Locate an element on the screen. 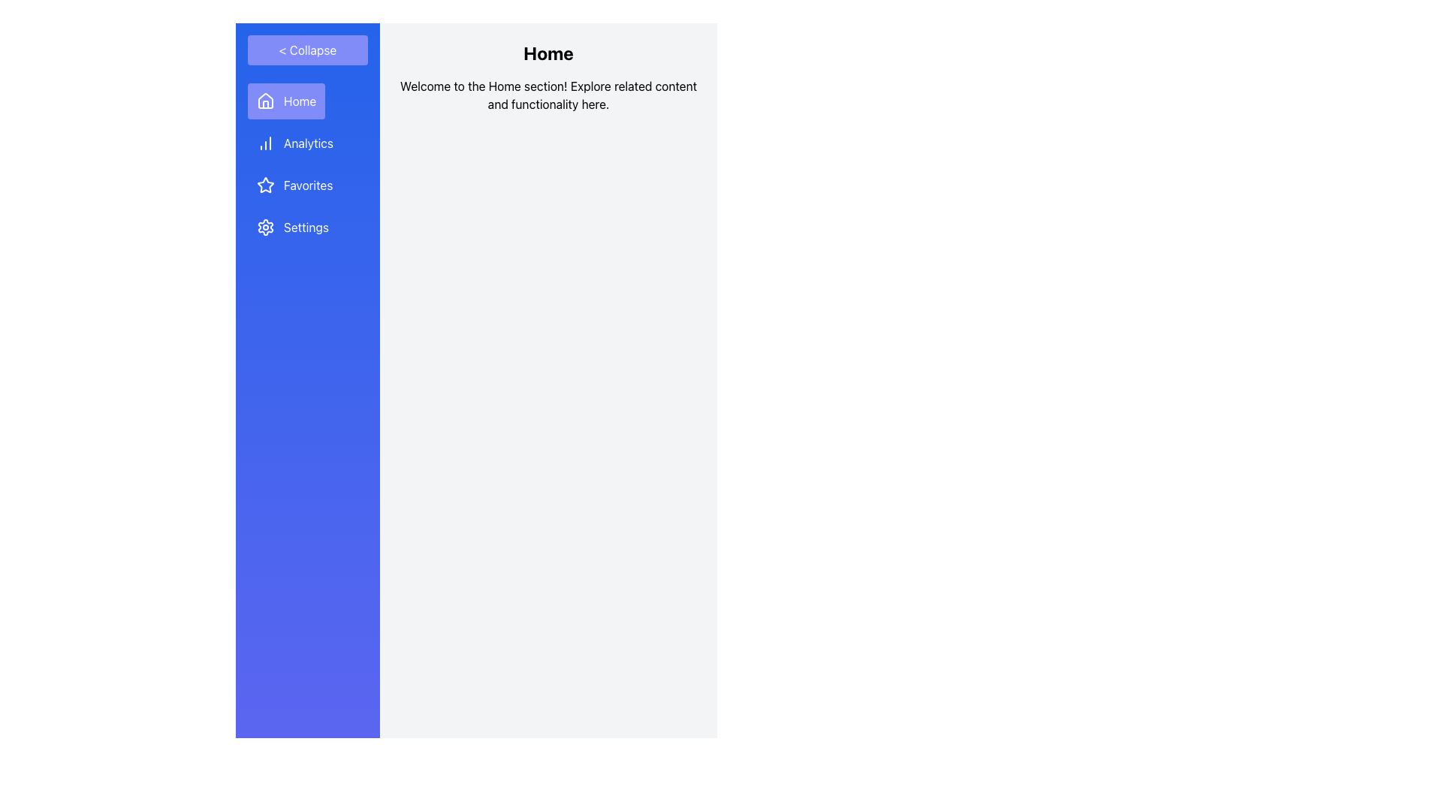 The height and width of the screenshot is (811, 1442). the 'Home' navigation button in the sidebar, which has a purple background, rounded corners, and displays a white house icon followed by the text 'Home' is located at coordinates (286, 101).